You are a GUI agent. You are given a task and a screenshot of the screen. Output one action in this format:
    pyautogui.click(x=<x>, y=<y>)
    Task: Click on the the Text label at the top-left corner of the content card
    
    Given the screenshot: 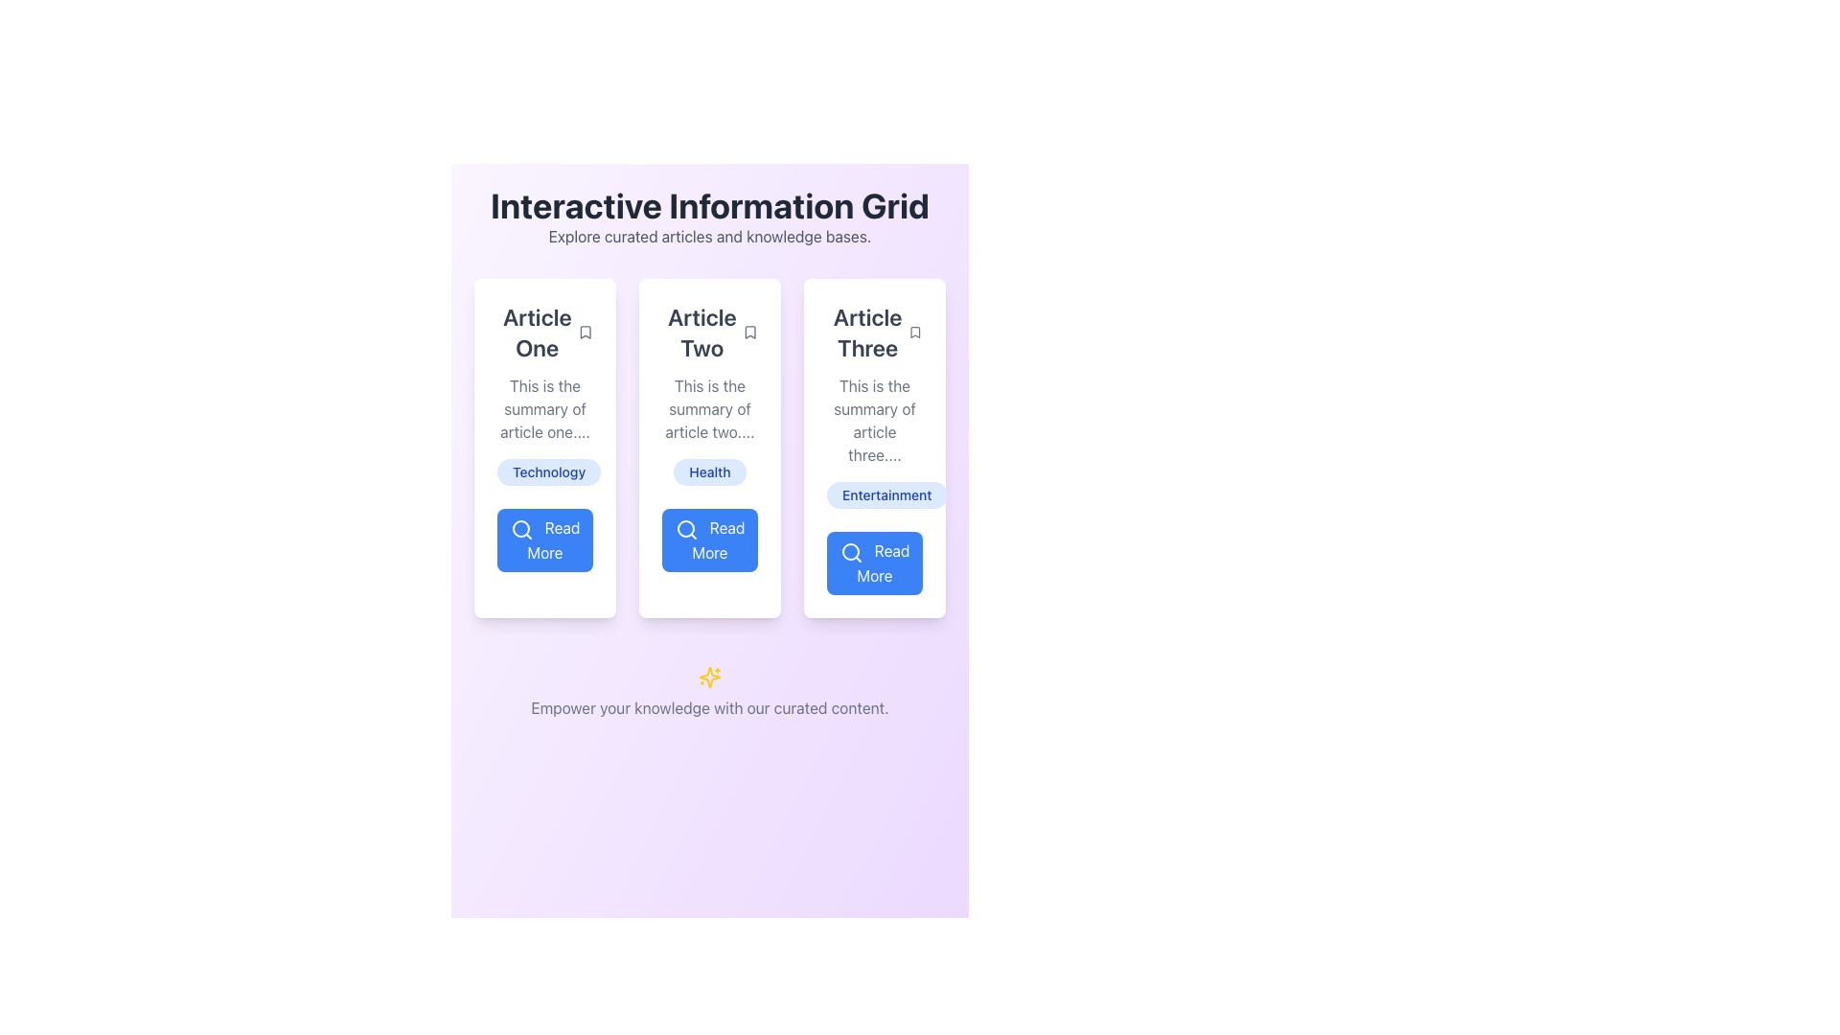 What is the action you would take?
    pyautogui.click(x=537, y=332)
    